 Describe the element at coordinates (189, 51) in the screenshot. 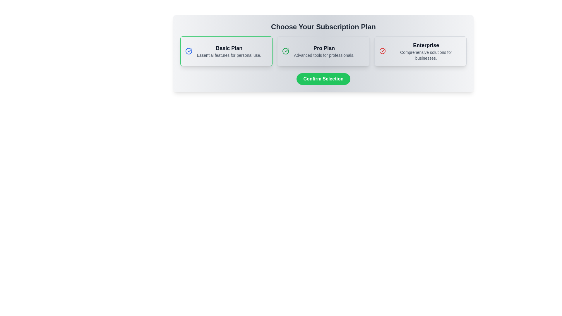

I see `the circular blue checkmark icon indicating the 'Basic Plan' subscription option` at that location.